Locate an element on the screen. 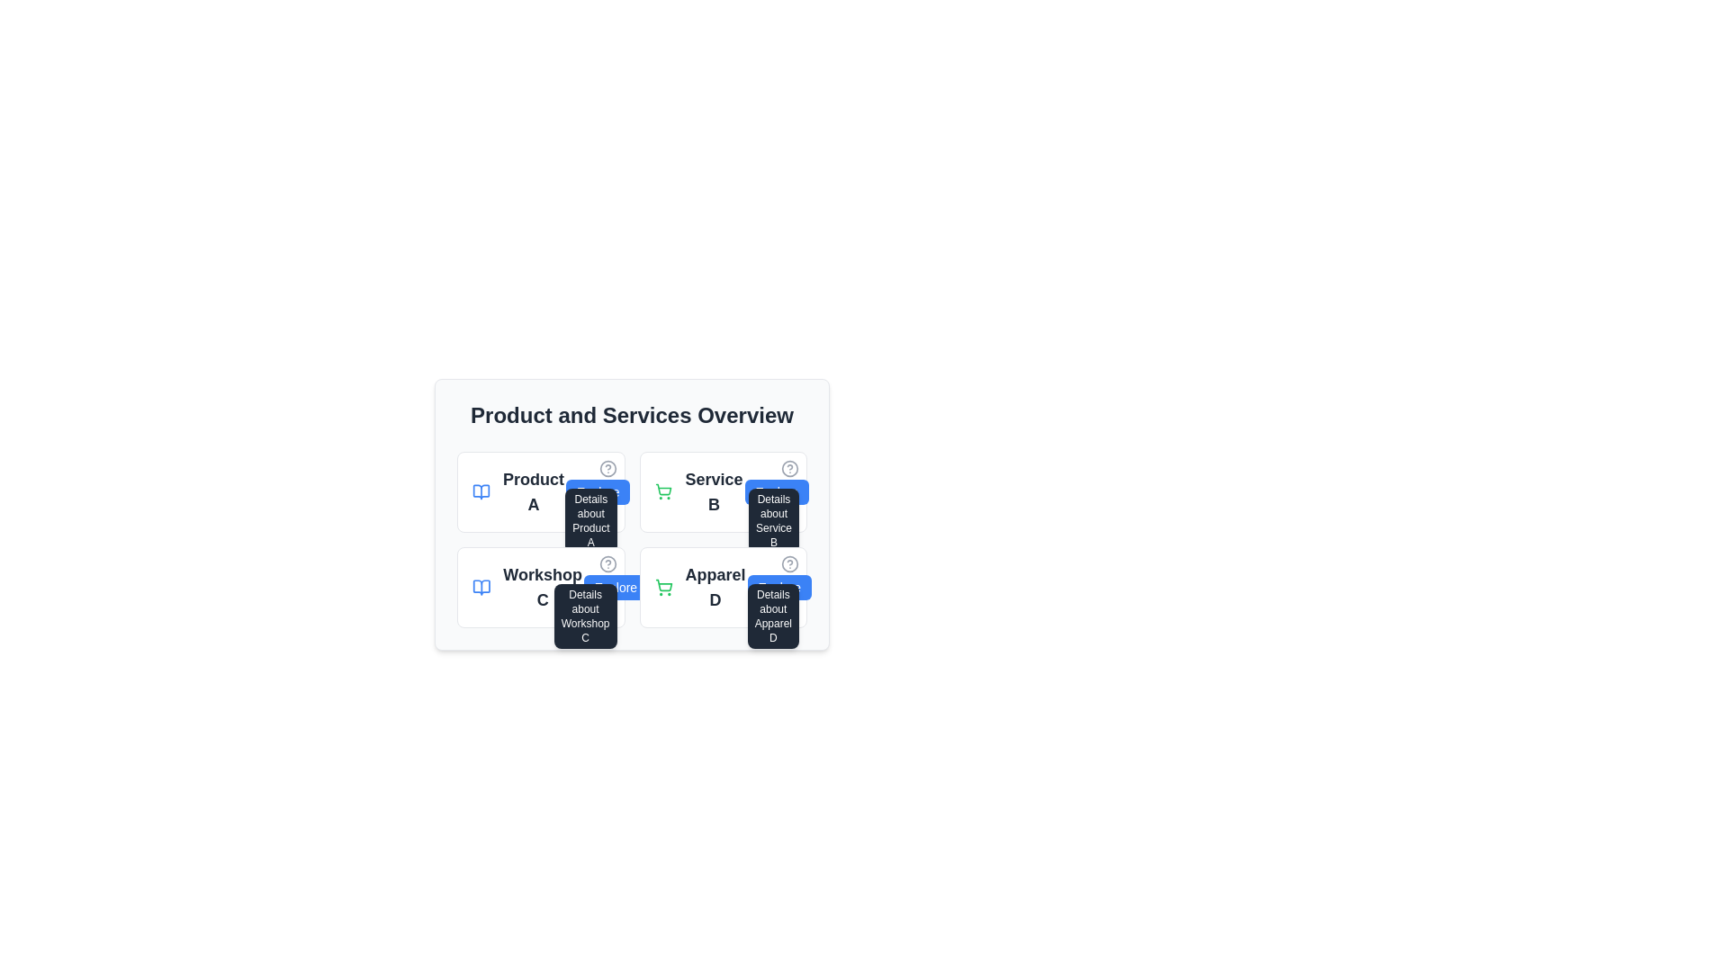 The height and width of the screenshot is (972, 1728). text displayed on the bold text label 'Product A', which is part of the product overview grid and is the top-left item next to an open book icon is located at coordinates (533, 492).